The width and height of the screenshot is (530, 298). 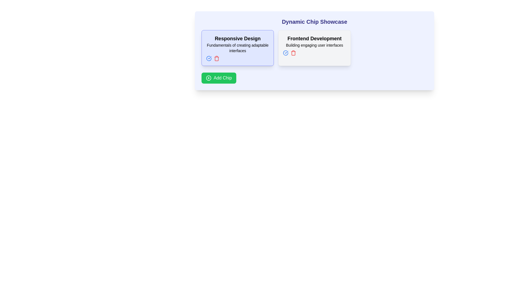 What do you see at coordinates (216, 58) in the screenshot?
I see `the delete icon located to the right of the text 'Responsive Design' within the left chip` at bounding box center [216, 58].